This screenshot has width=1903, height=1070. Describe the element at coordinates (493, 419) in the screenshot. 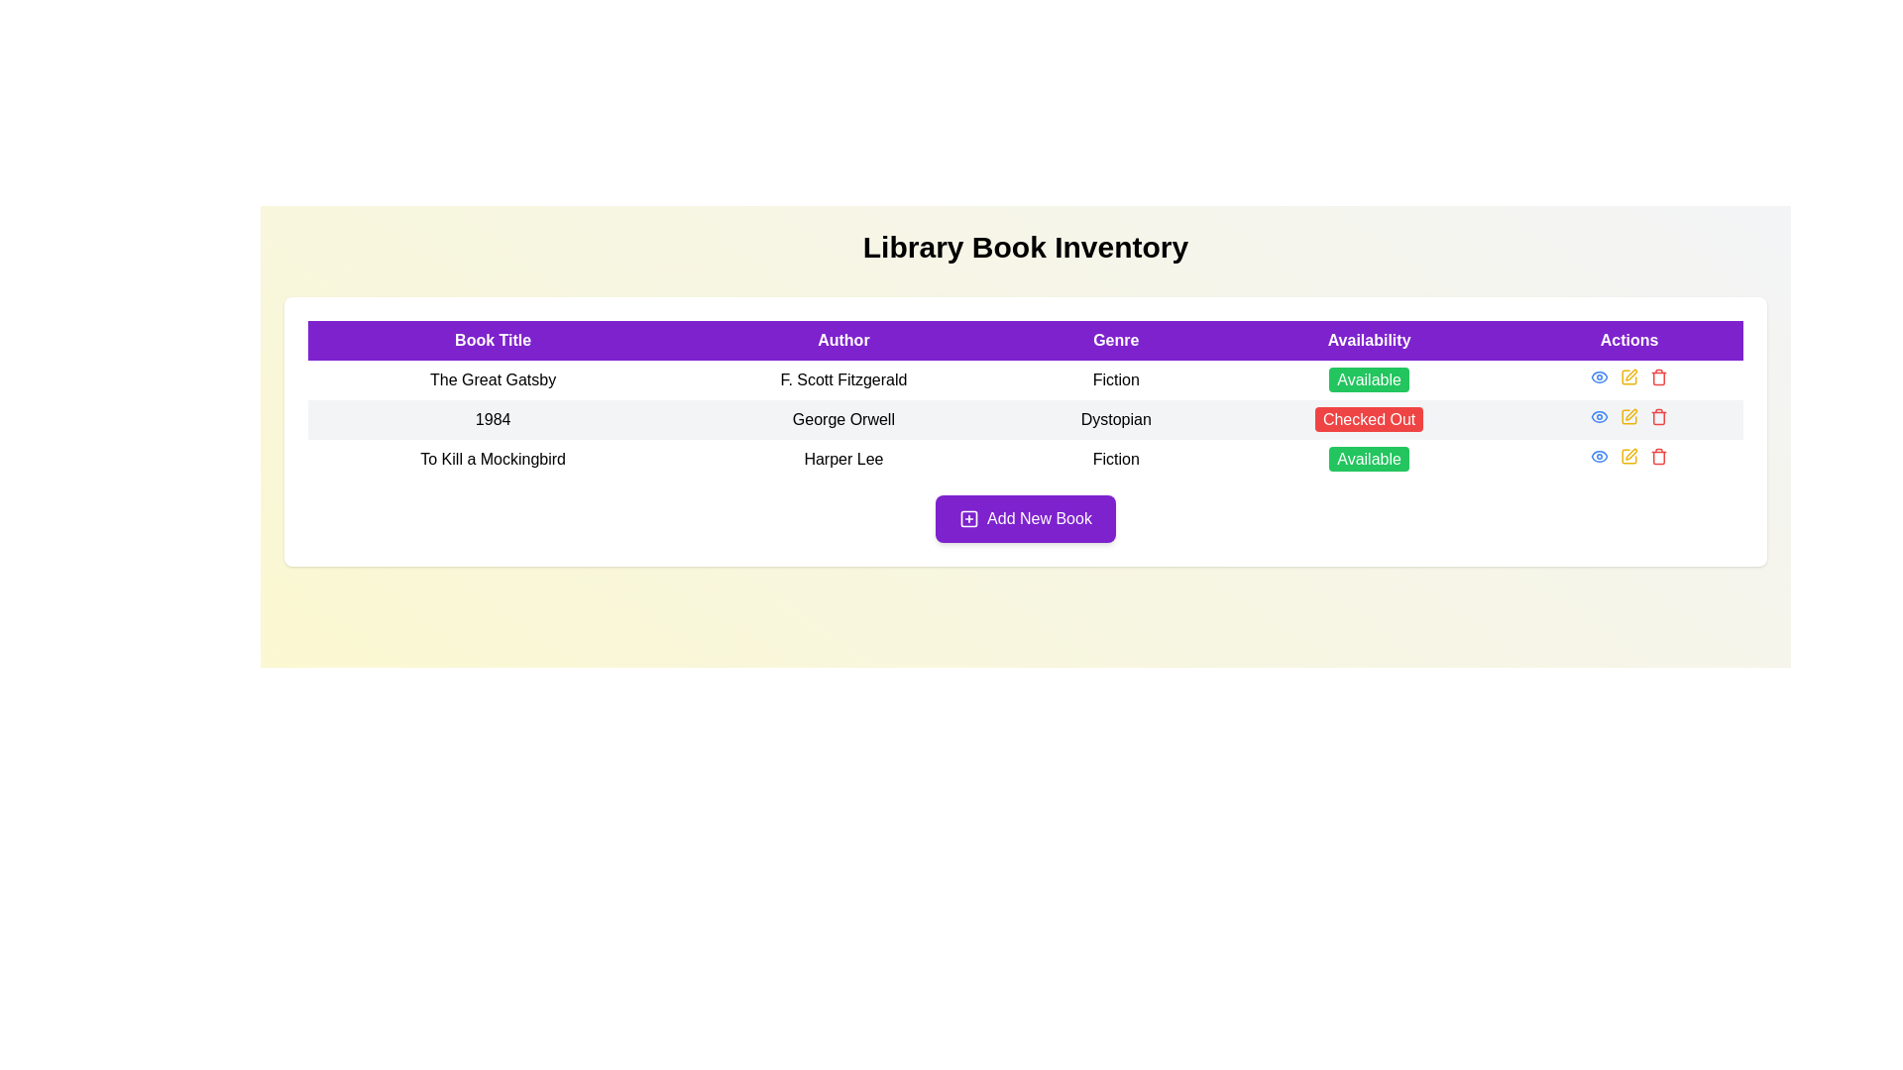

I see `the label displaying the text '1984' in the first column of the second row of the table under the 'Book Title' heading` at that location.